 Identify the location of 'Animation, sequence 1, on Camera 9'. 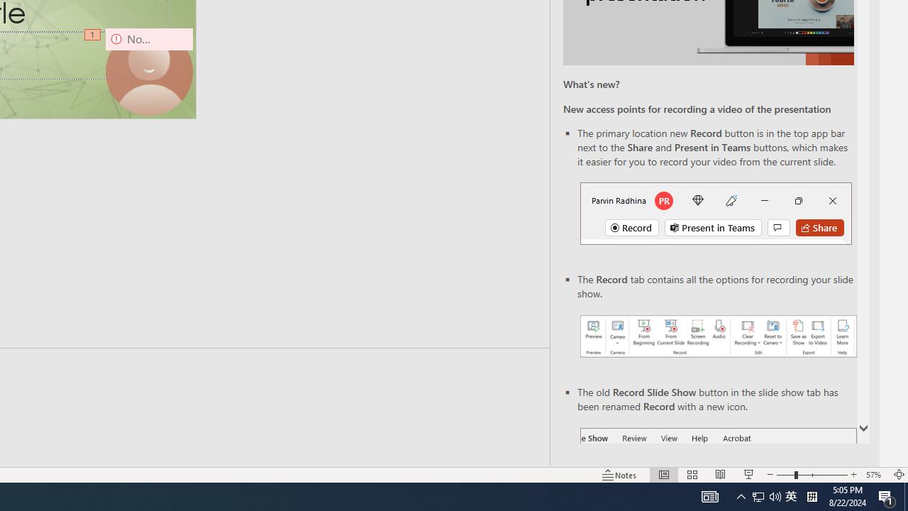
(92, 35).